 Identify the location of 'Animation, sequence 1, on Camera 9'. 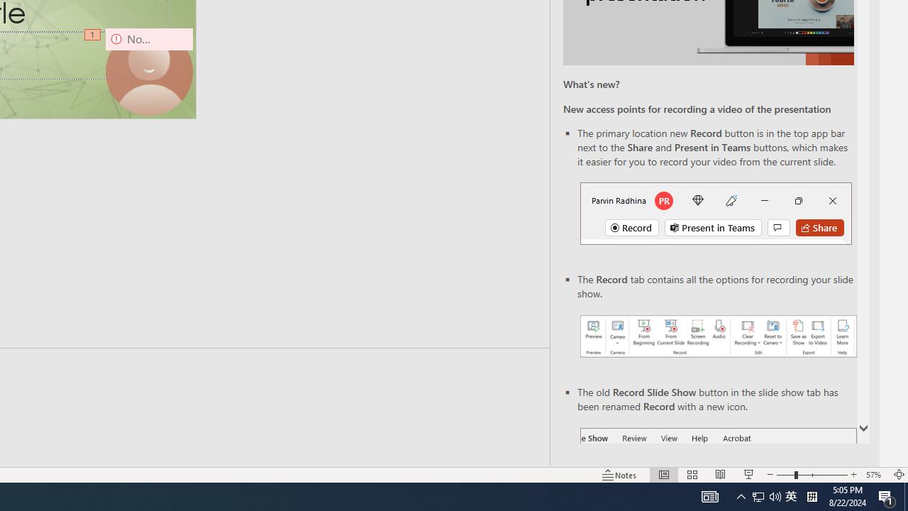
(92, 35).